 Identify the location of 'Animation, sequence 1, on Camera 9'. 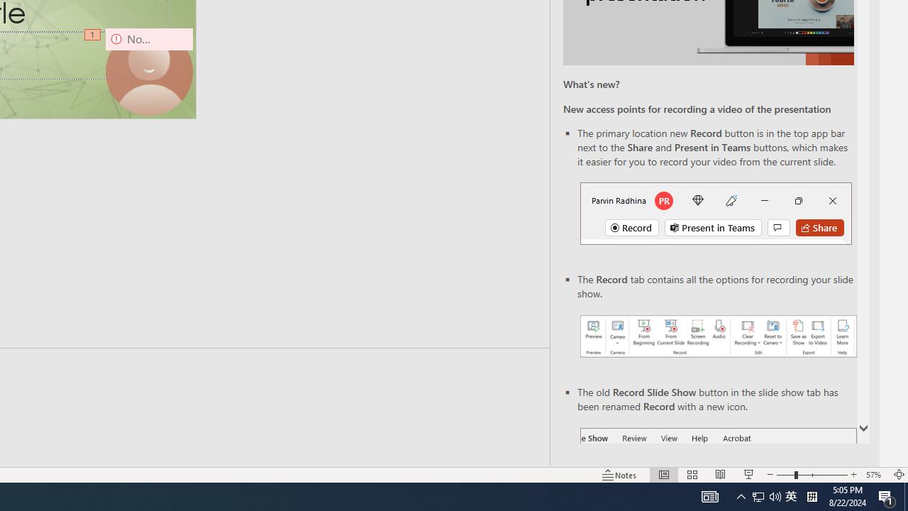
(92, 35).